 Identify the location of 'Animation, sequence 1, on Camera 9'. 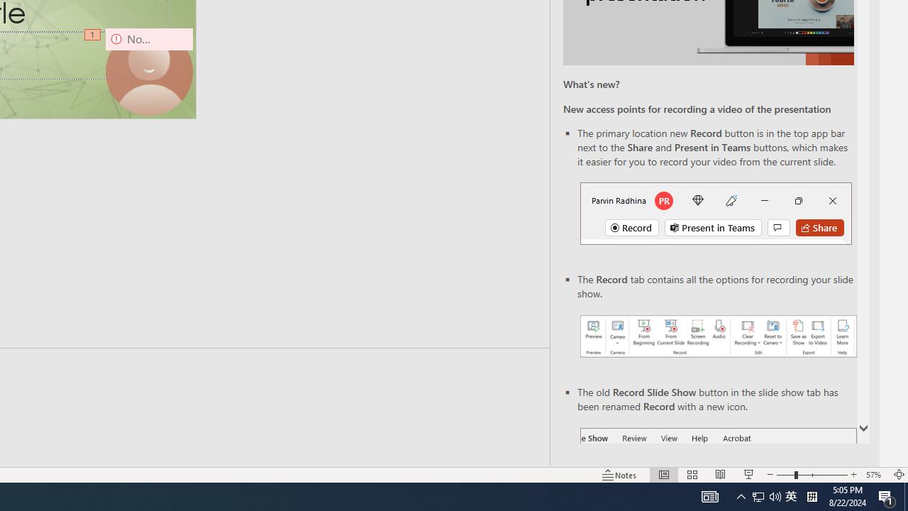
(92, 35).